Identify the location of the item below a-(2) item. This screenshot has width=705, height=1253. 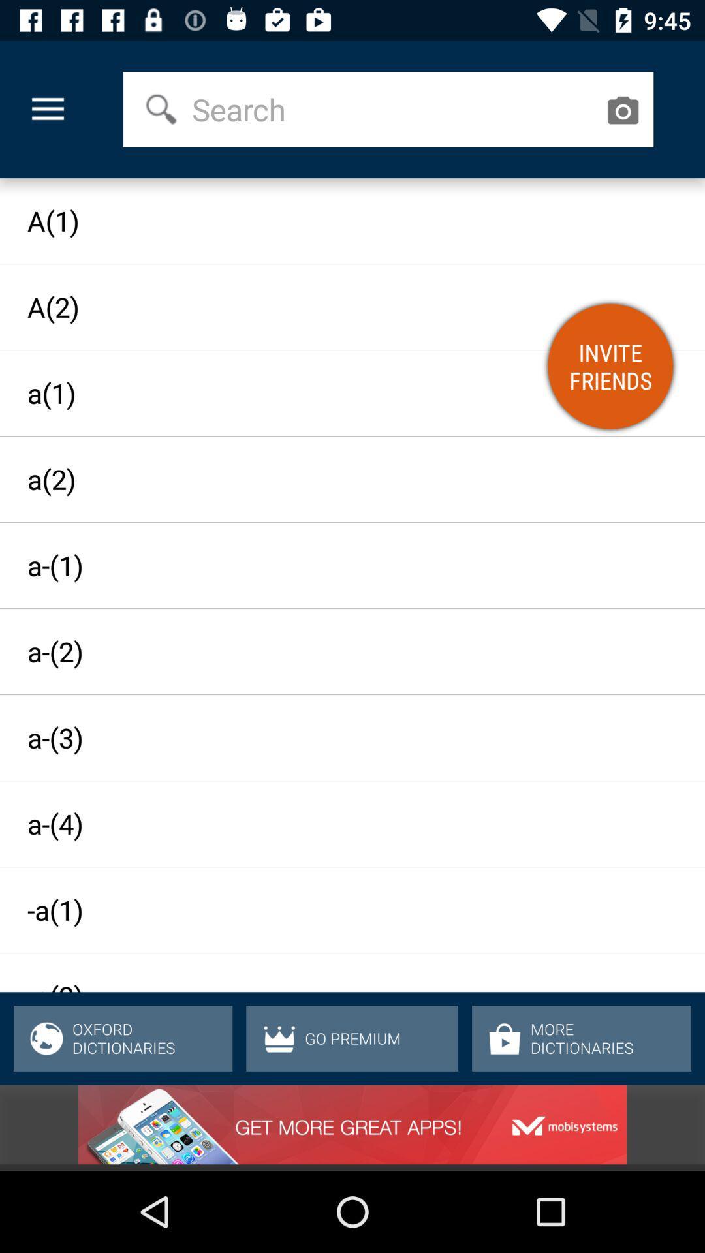
(339, 737).